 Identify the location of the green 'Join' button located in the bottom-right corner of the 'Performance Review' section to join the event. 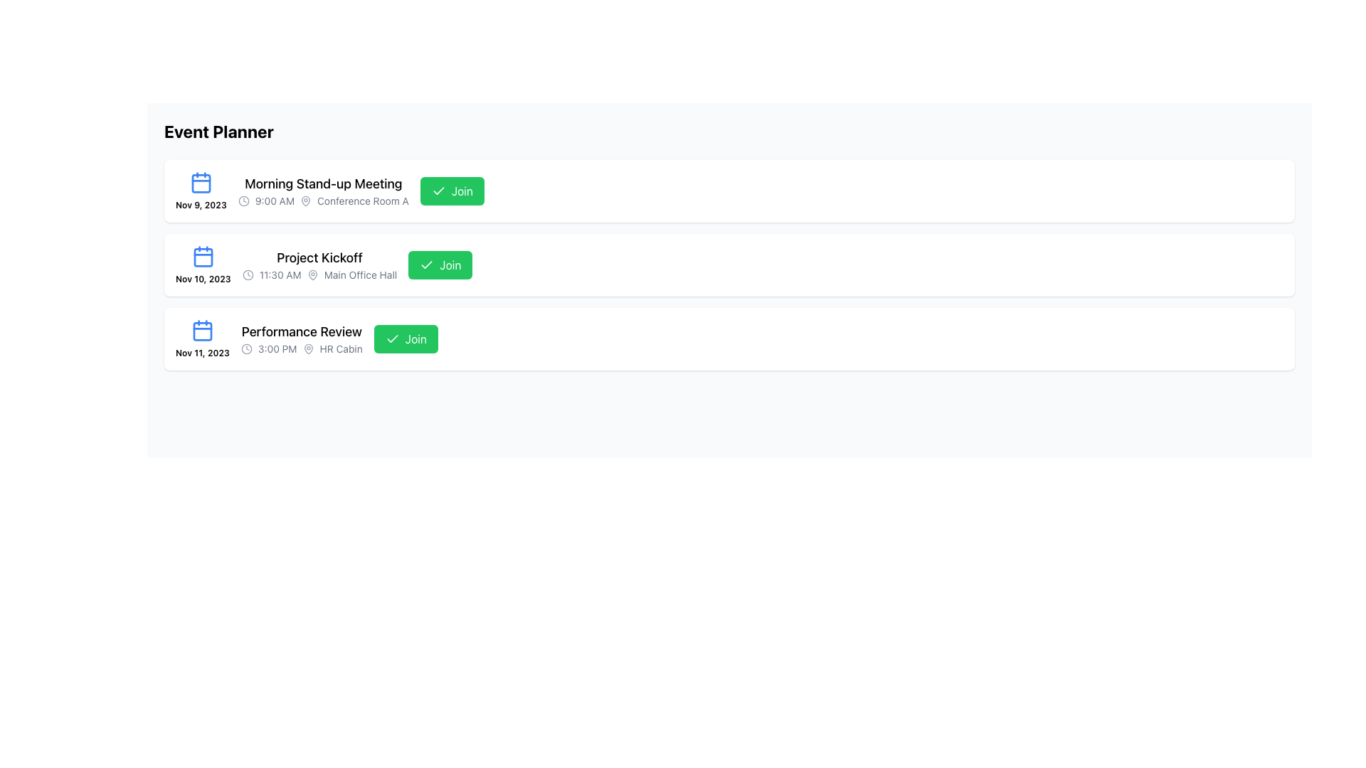
(405, 339).